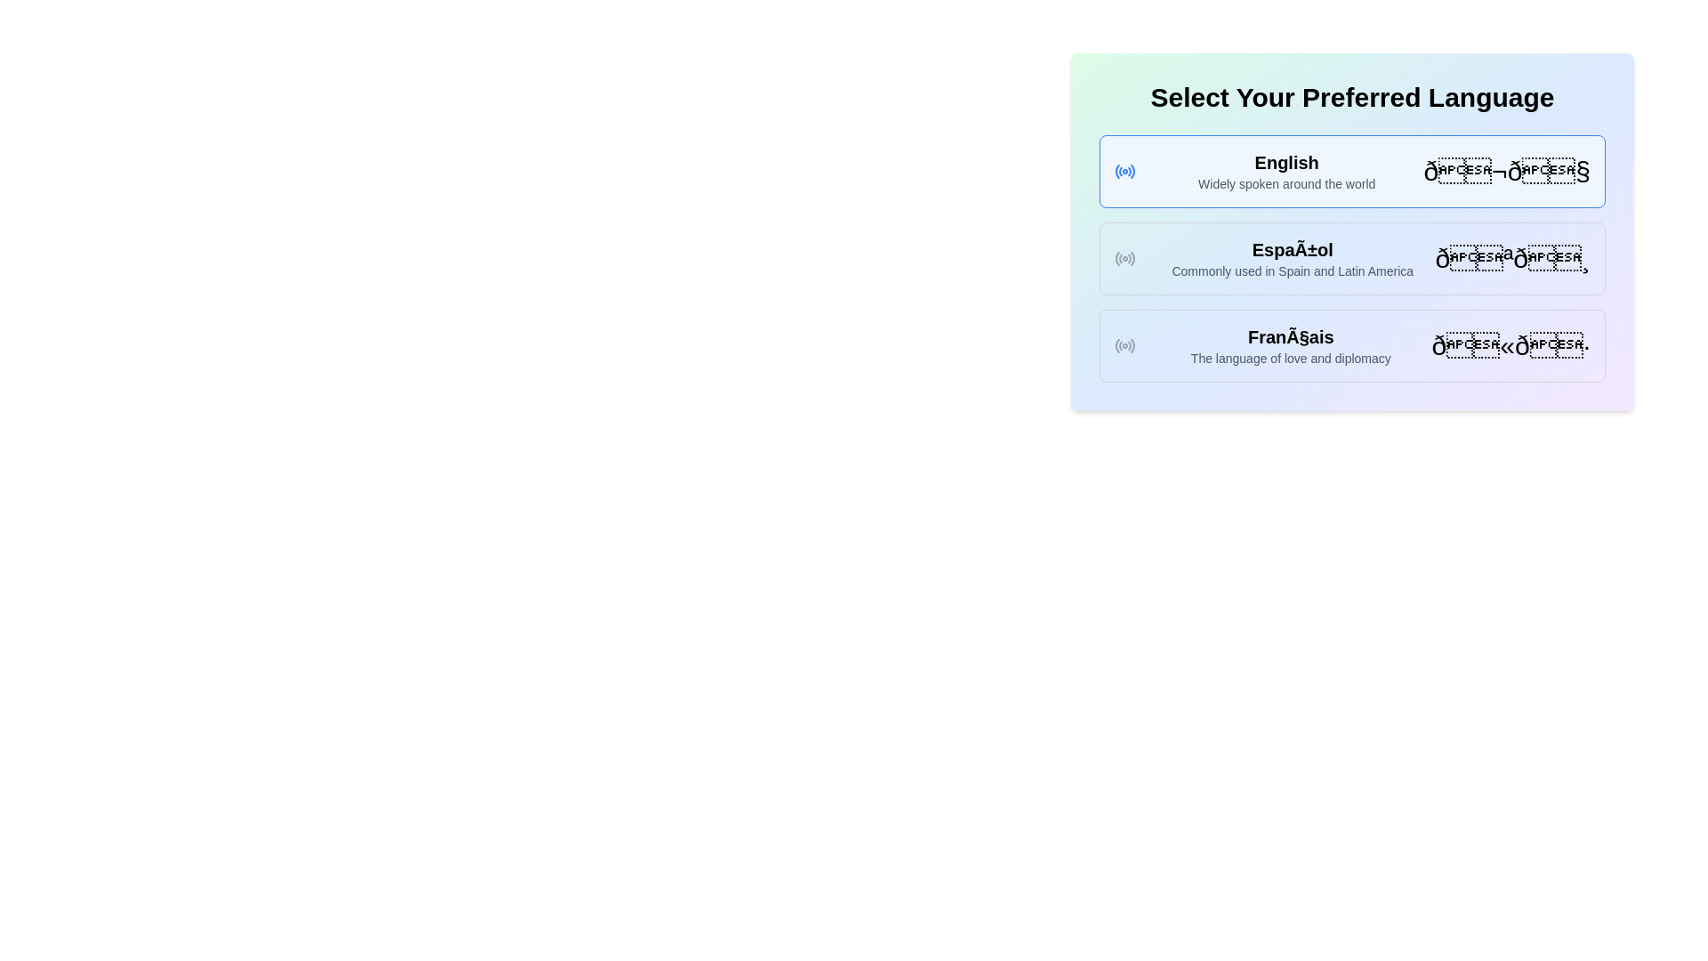  What do you see at coordinates (1286, 184) in the screenshot?
I see `the static text displaying 'Widely spoken around the world', which is positioned below the text 'English' within the language options card` at bounding box center [1286, 184].